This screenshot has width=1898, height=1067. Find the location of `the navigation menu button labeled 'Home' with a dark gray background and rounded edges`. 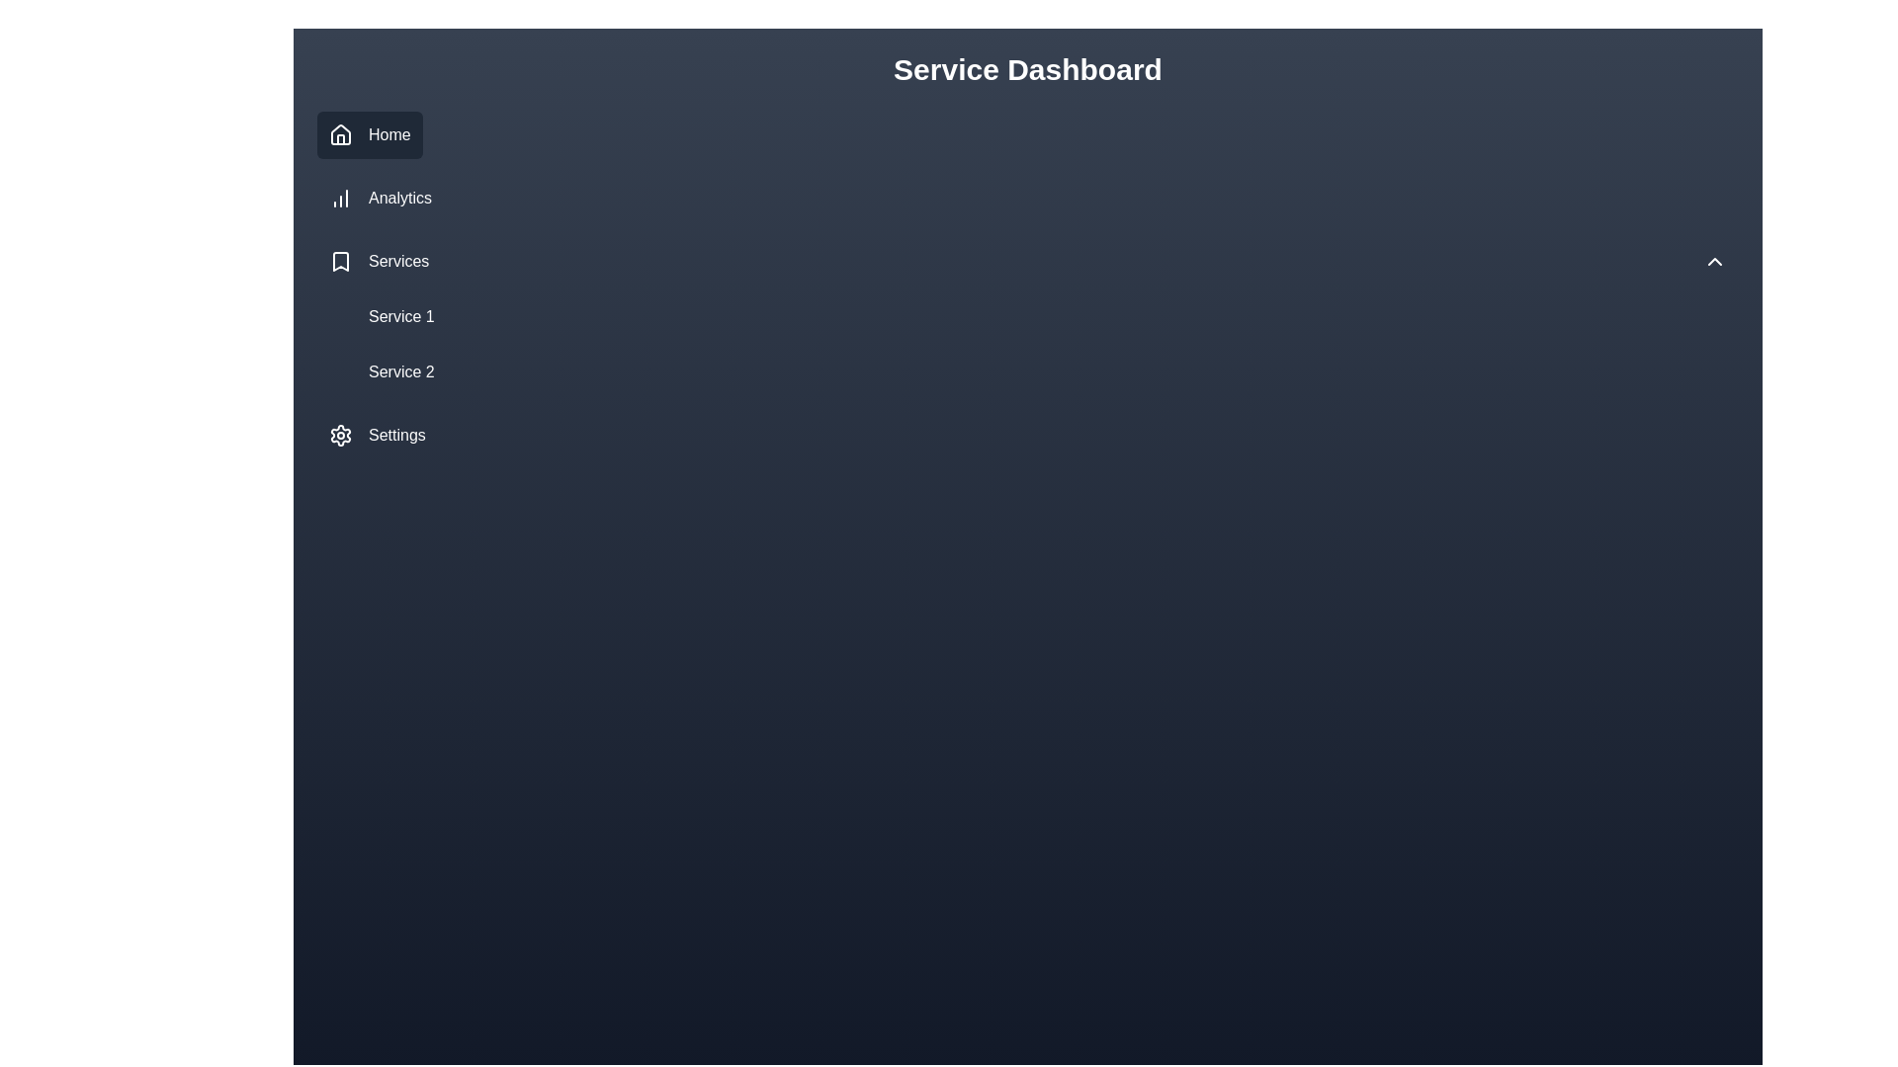

the navigation menu button labeled 'Home' with a dark gray background and rounded edges is located at coordinates (370, 134).